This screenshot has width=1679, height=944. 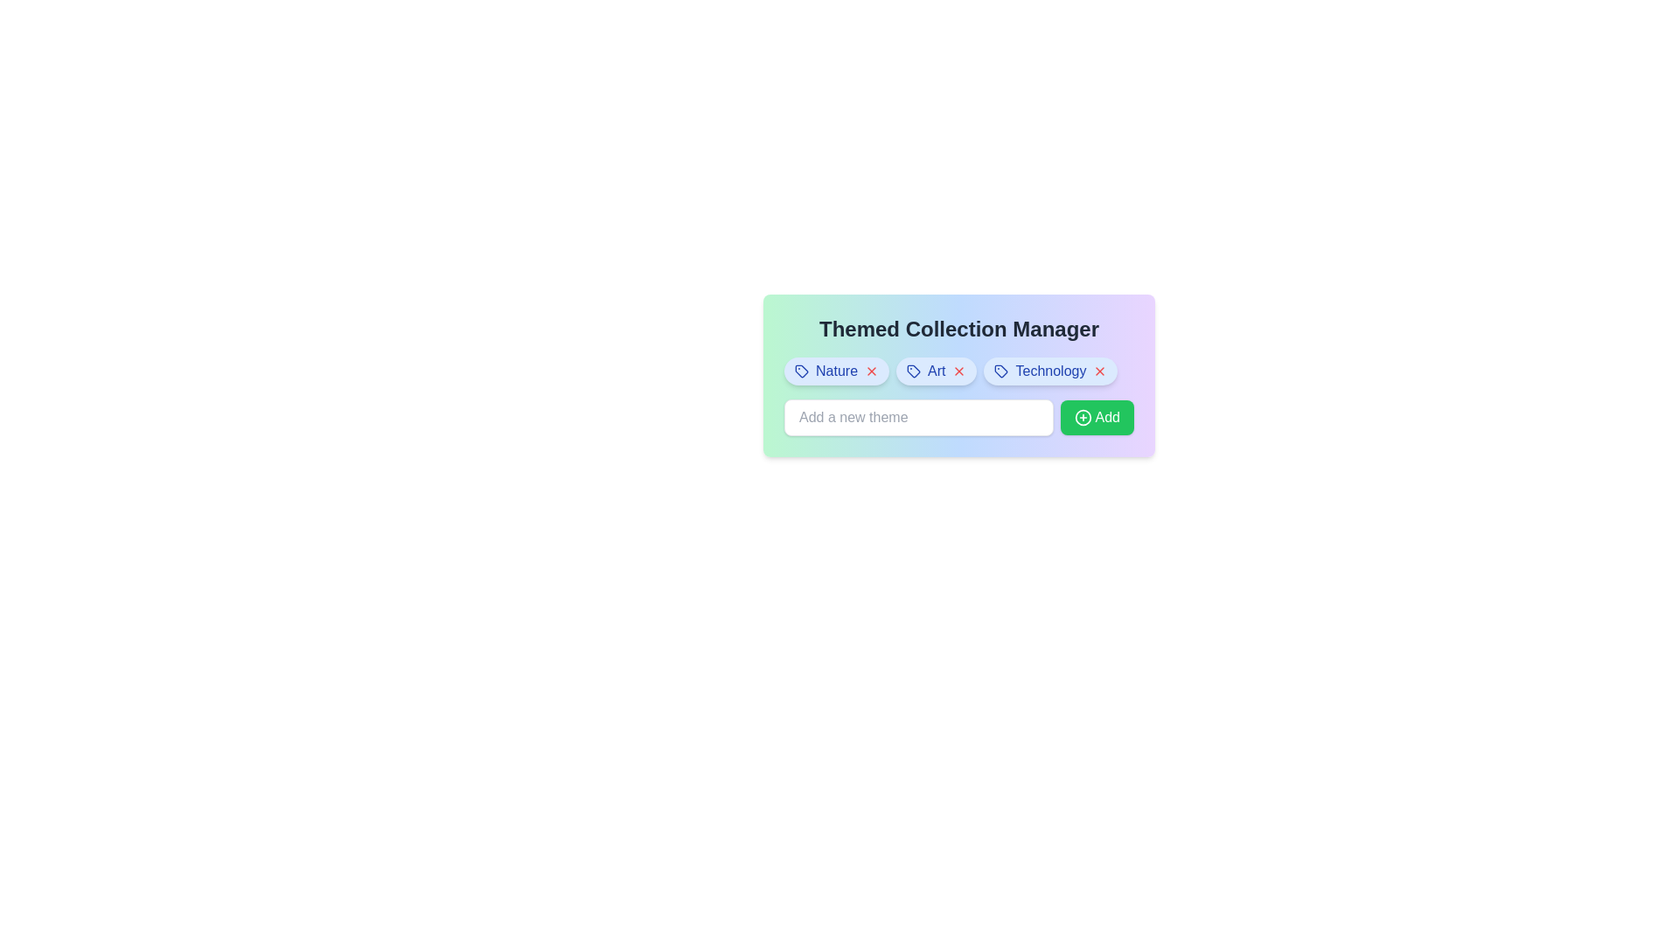 What do you see at coordinates (958, 370) in the screenshot?
I see `'X' button for the theme Art` at bounding box center [958, 370].